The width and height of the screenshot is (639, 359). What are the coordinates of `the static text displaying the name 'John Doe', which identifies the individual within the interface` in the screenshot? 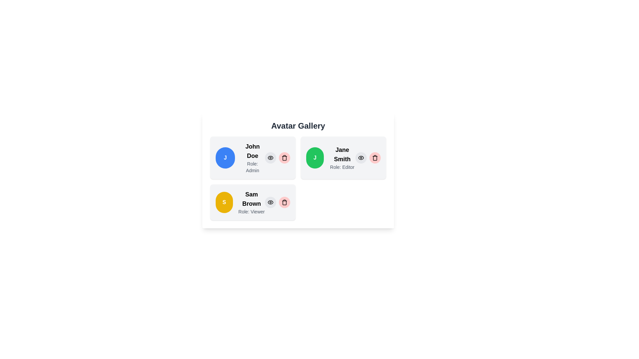 It's located at (252, 151).